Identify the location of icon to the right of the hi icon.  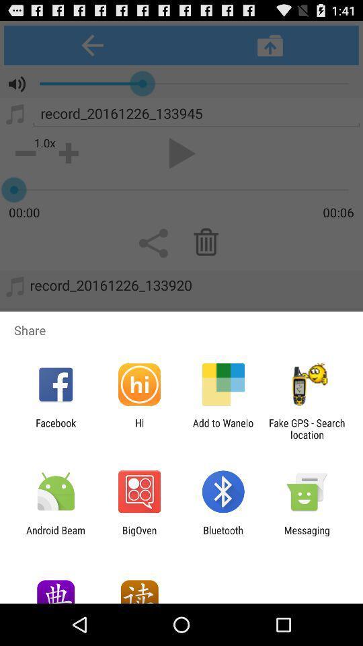
(223, 428).